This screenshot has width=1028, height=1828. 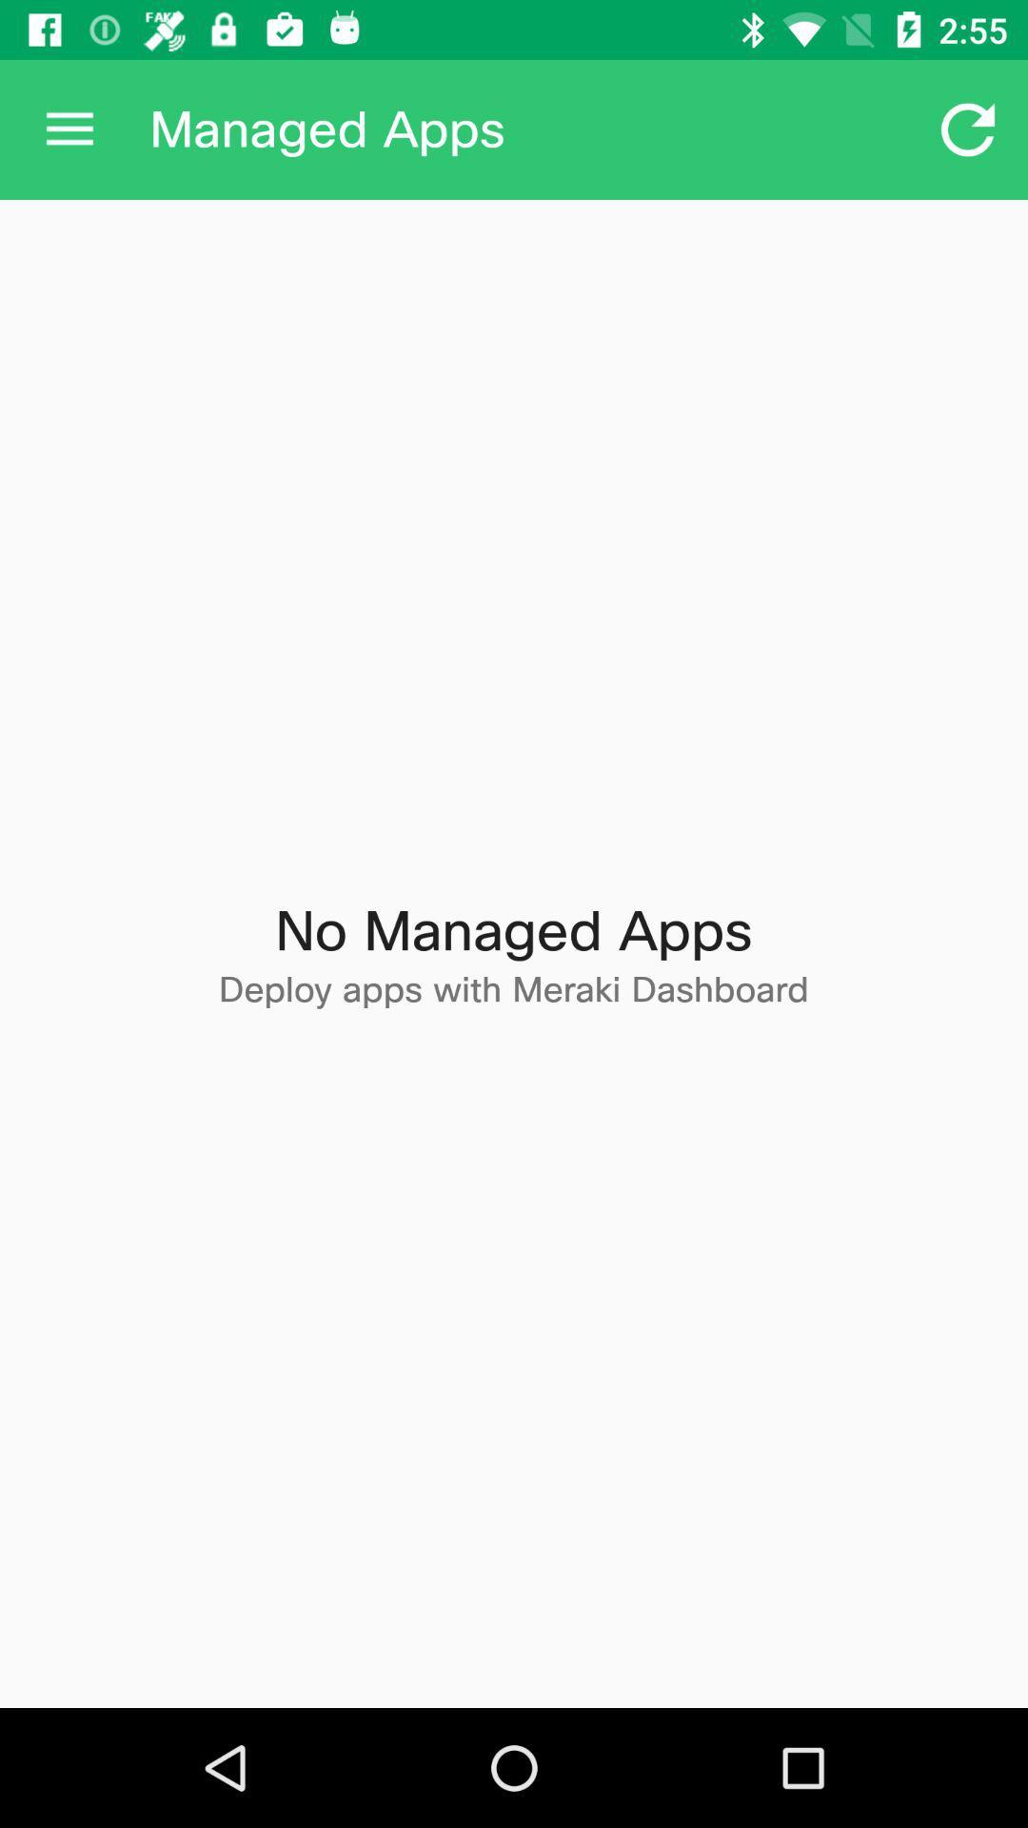 What do you see at coordinates (968, 129) in the screenshot?
I see `app next to the managed apps item` at bounding box center [968, 129].